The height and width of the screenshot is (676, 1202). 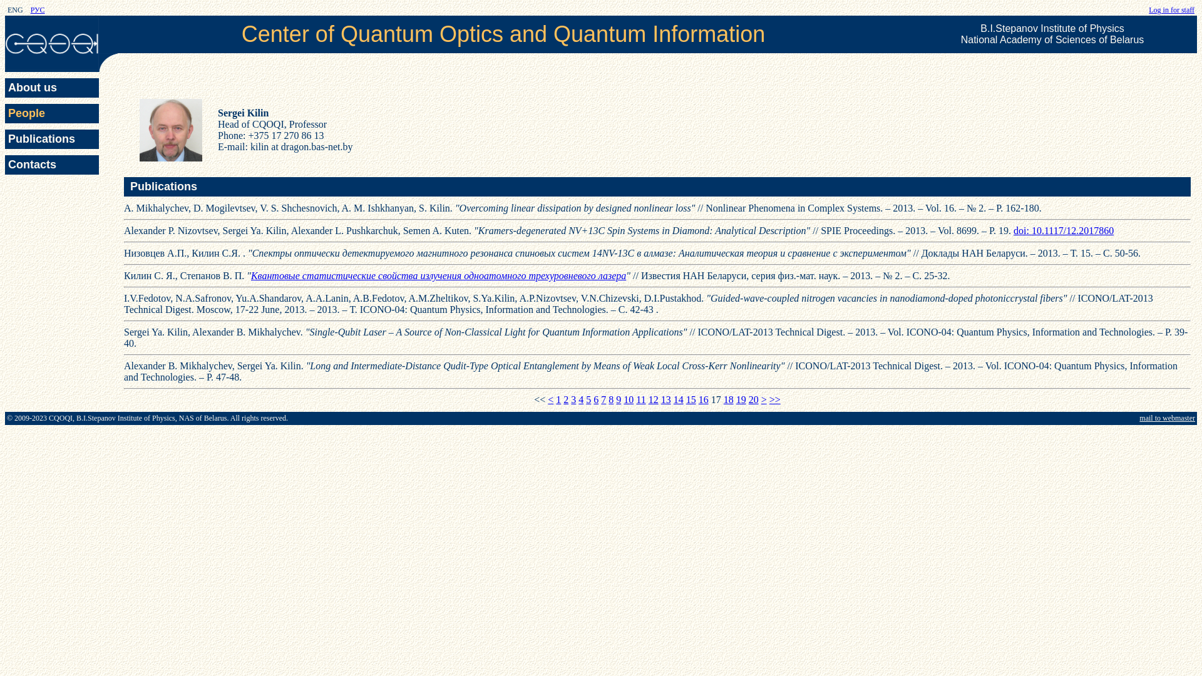 What do you see at coordinates (604, 399) in the screenshot?
I see `'7'` at bounding box center [604, 399].